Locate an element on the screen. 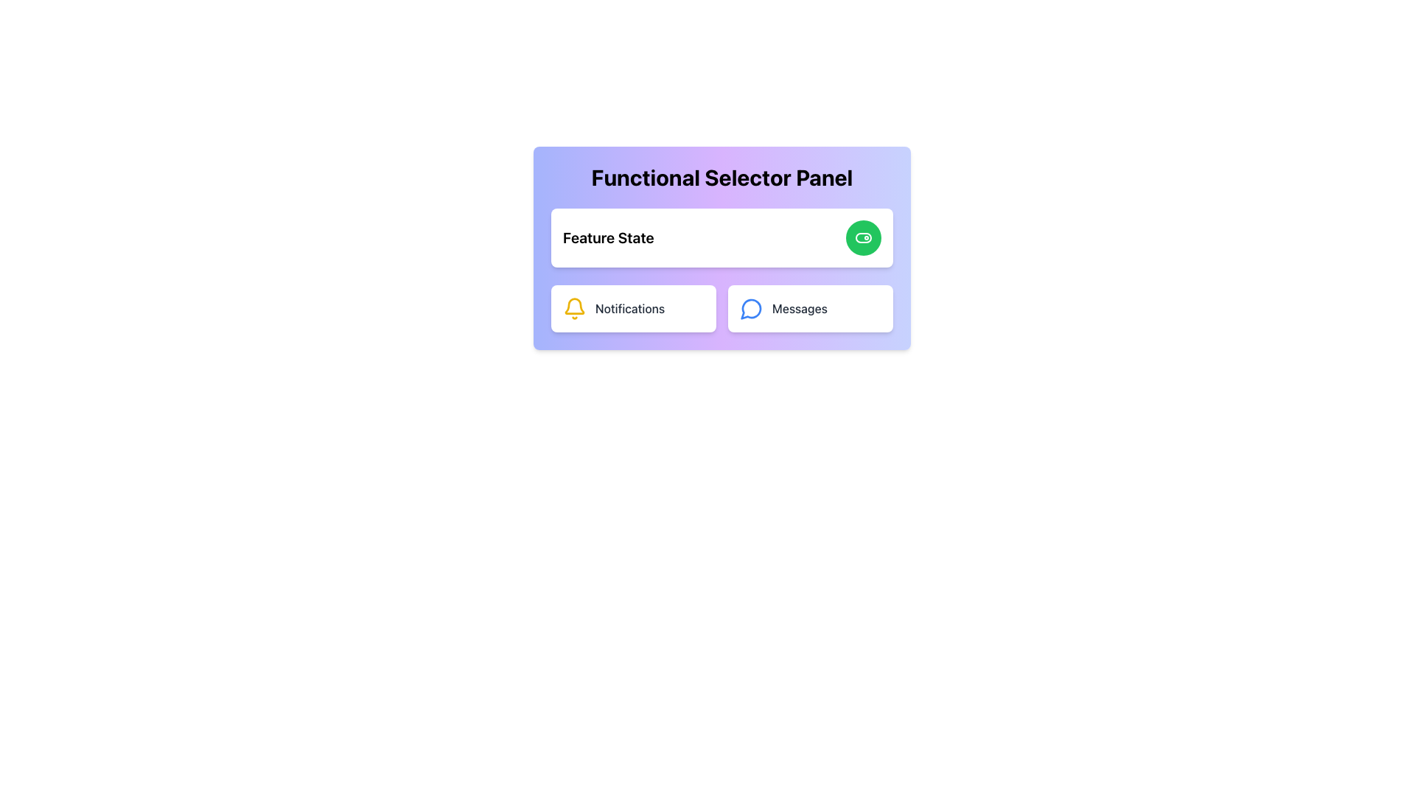 The image size is (1415, 796). the bell icon representing the 'Notifications' section, located on the leftmost side of the Notifications panel is located at coordinates (573, 308).